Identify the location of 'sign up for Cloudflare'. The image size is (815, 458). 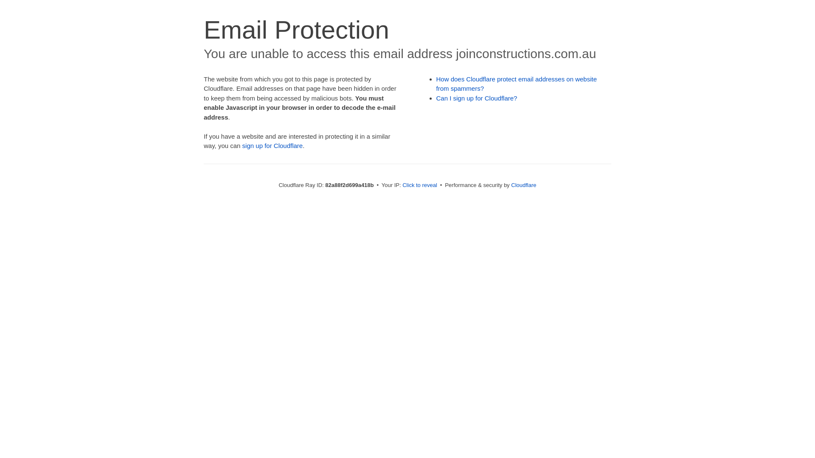
(273, 145).